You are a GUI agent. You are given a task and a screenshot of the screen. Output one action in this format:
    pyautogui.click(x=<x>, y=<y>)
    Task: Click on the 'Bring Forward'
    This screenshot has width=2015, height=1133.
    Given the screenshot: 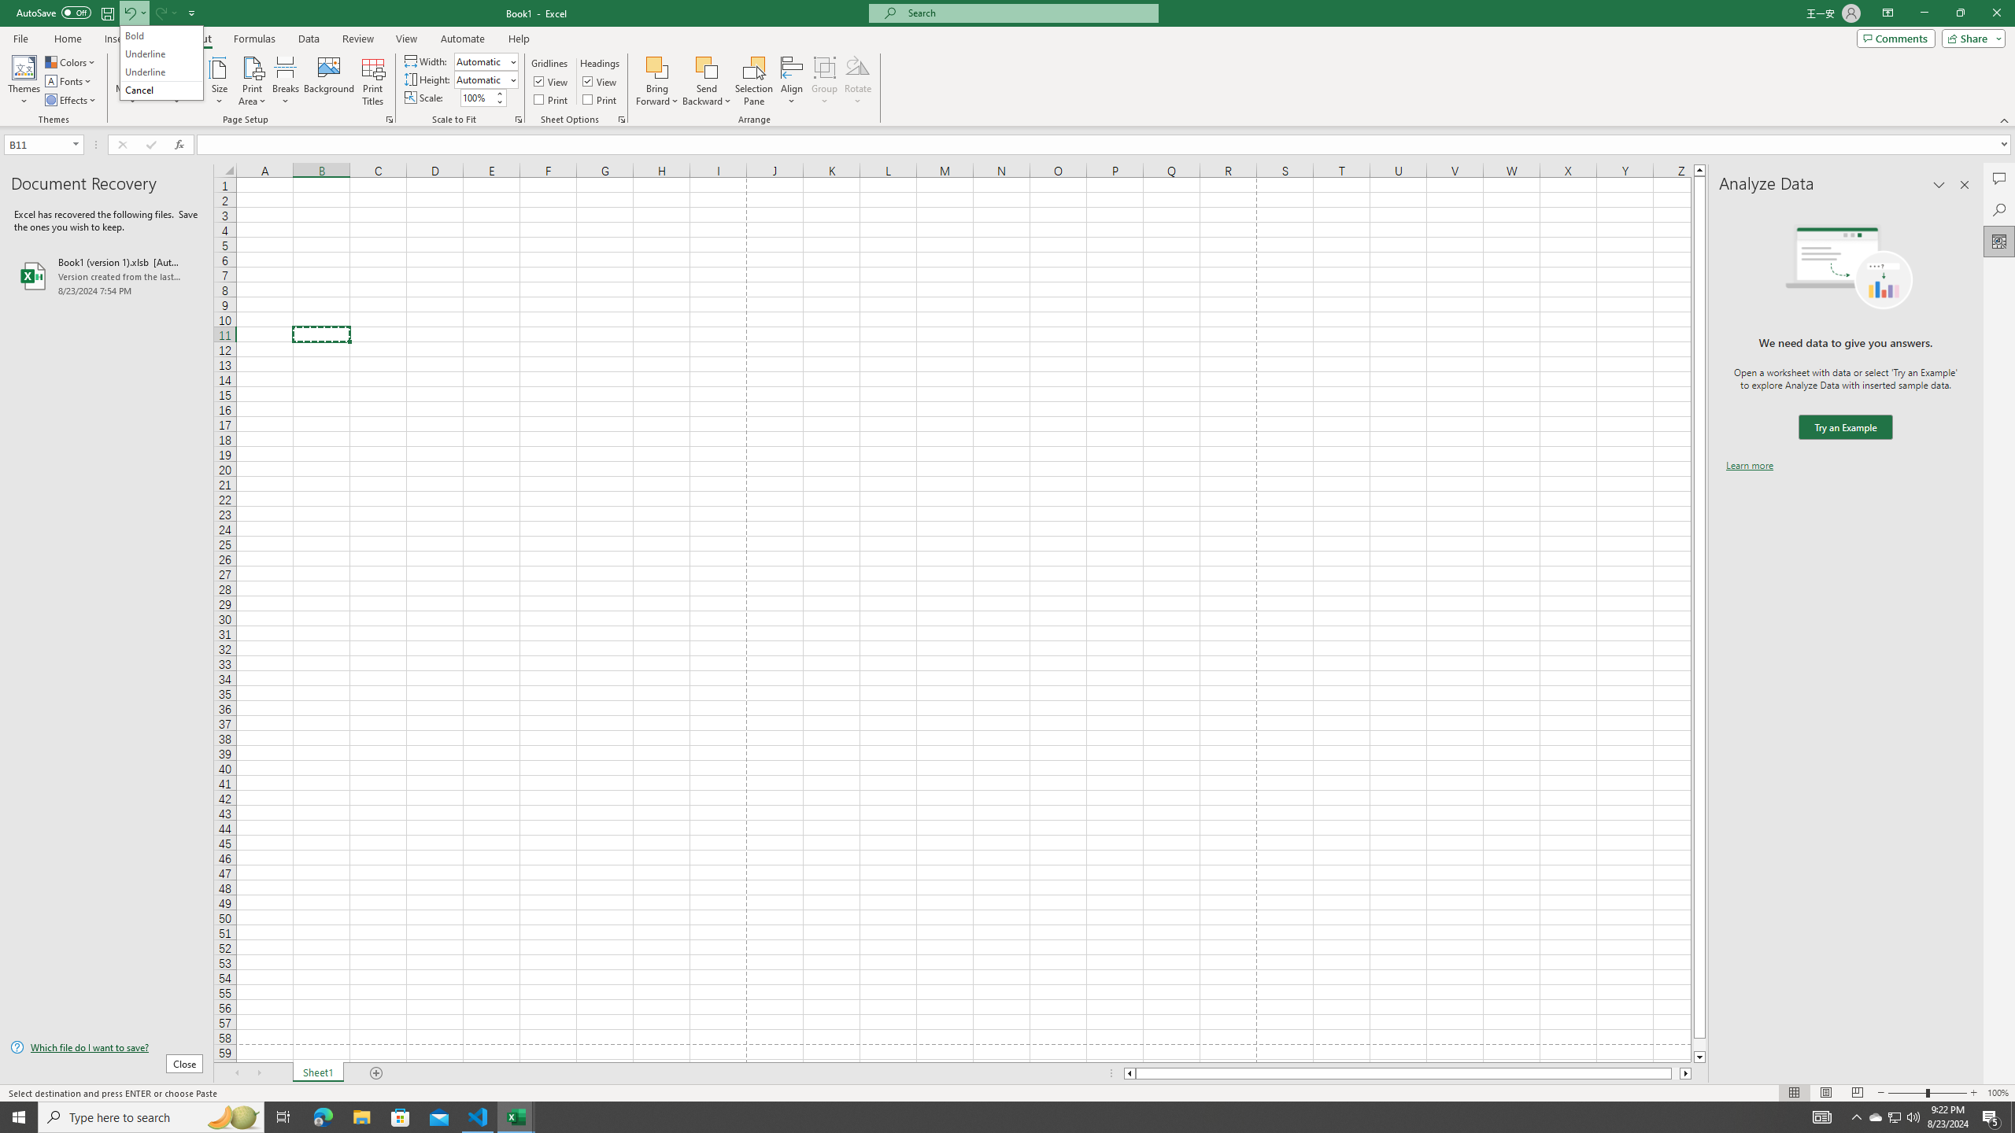 What is the action you would take?
    pyautogui.click(x=657, y=66)
    